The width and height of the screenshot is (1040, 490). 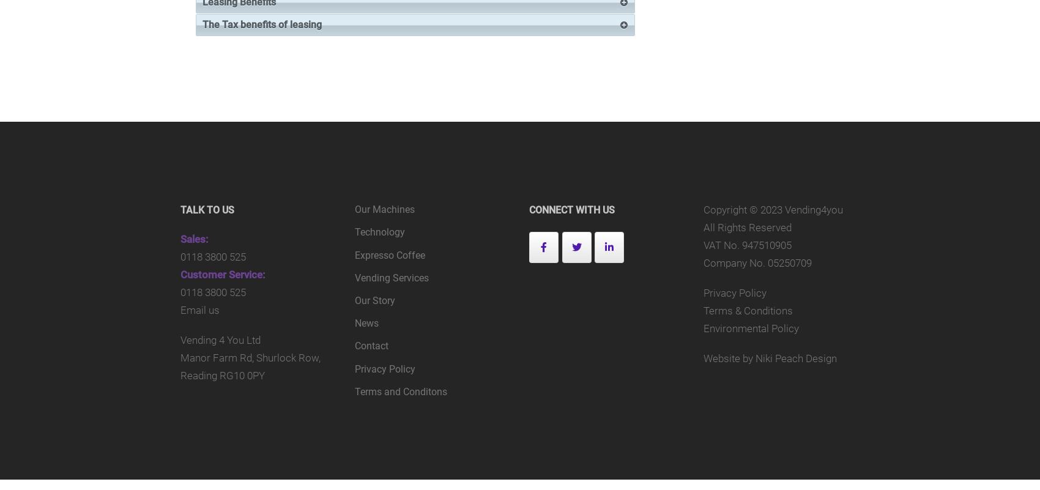 I want to click on 'Terms and Conditons', so click(x=354, y=390).